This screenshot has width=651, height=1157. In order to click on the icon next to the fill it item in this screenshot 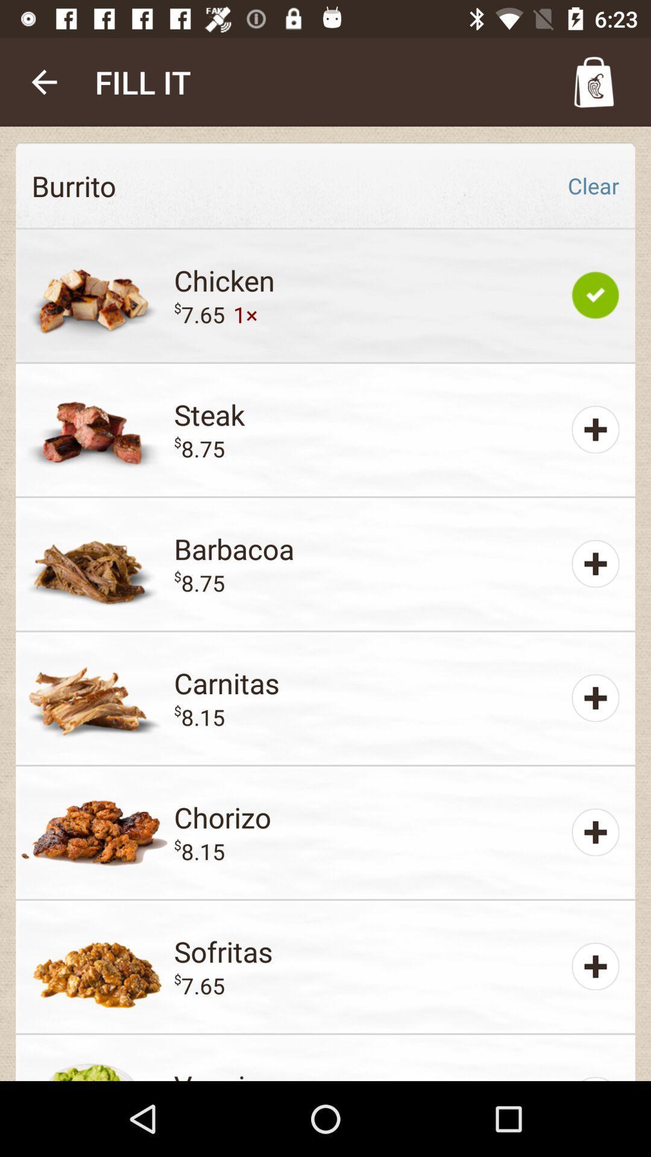, I will do `click(43, 81)`.